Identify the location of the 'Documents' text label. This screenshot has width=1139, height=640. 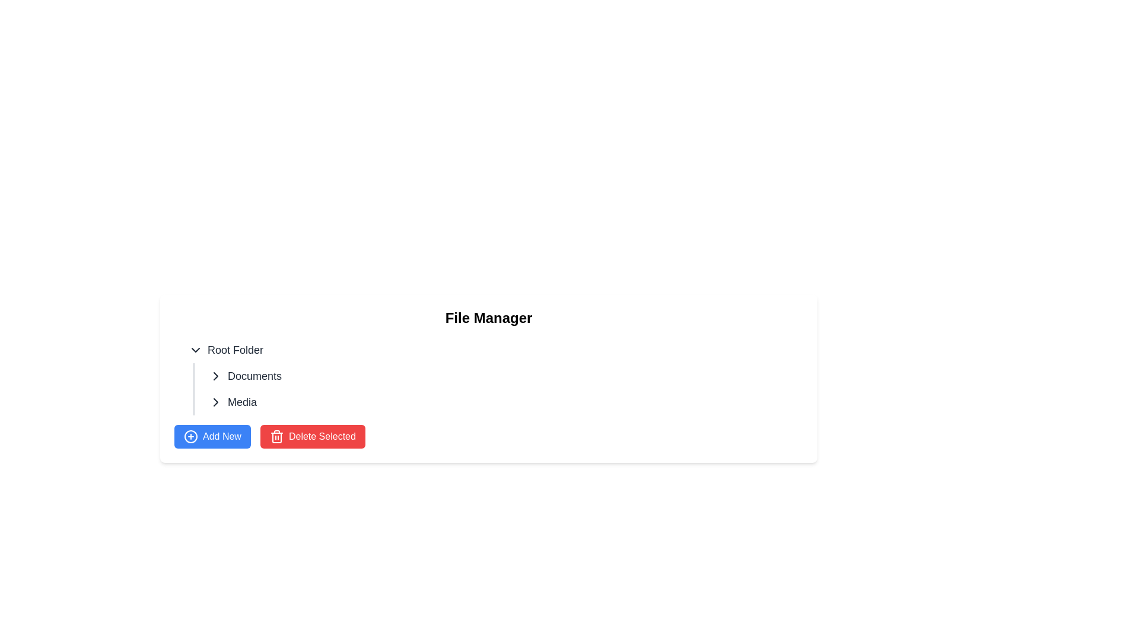
(254, 376).